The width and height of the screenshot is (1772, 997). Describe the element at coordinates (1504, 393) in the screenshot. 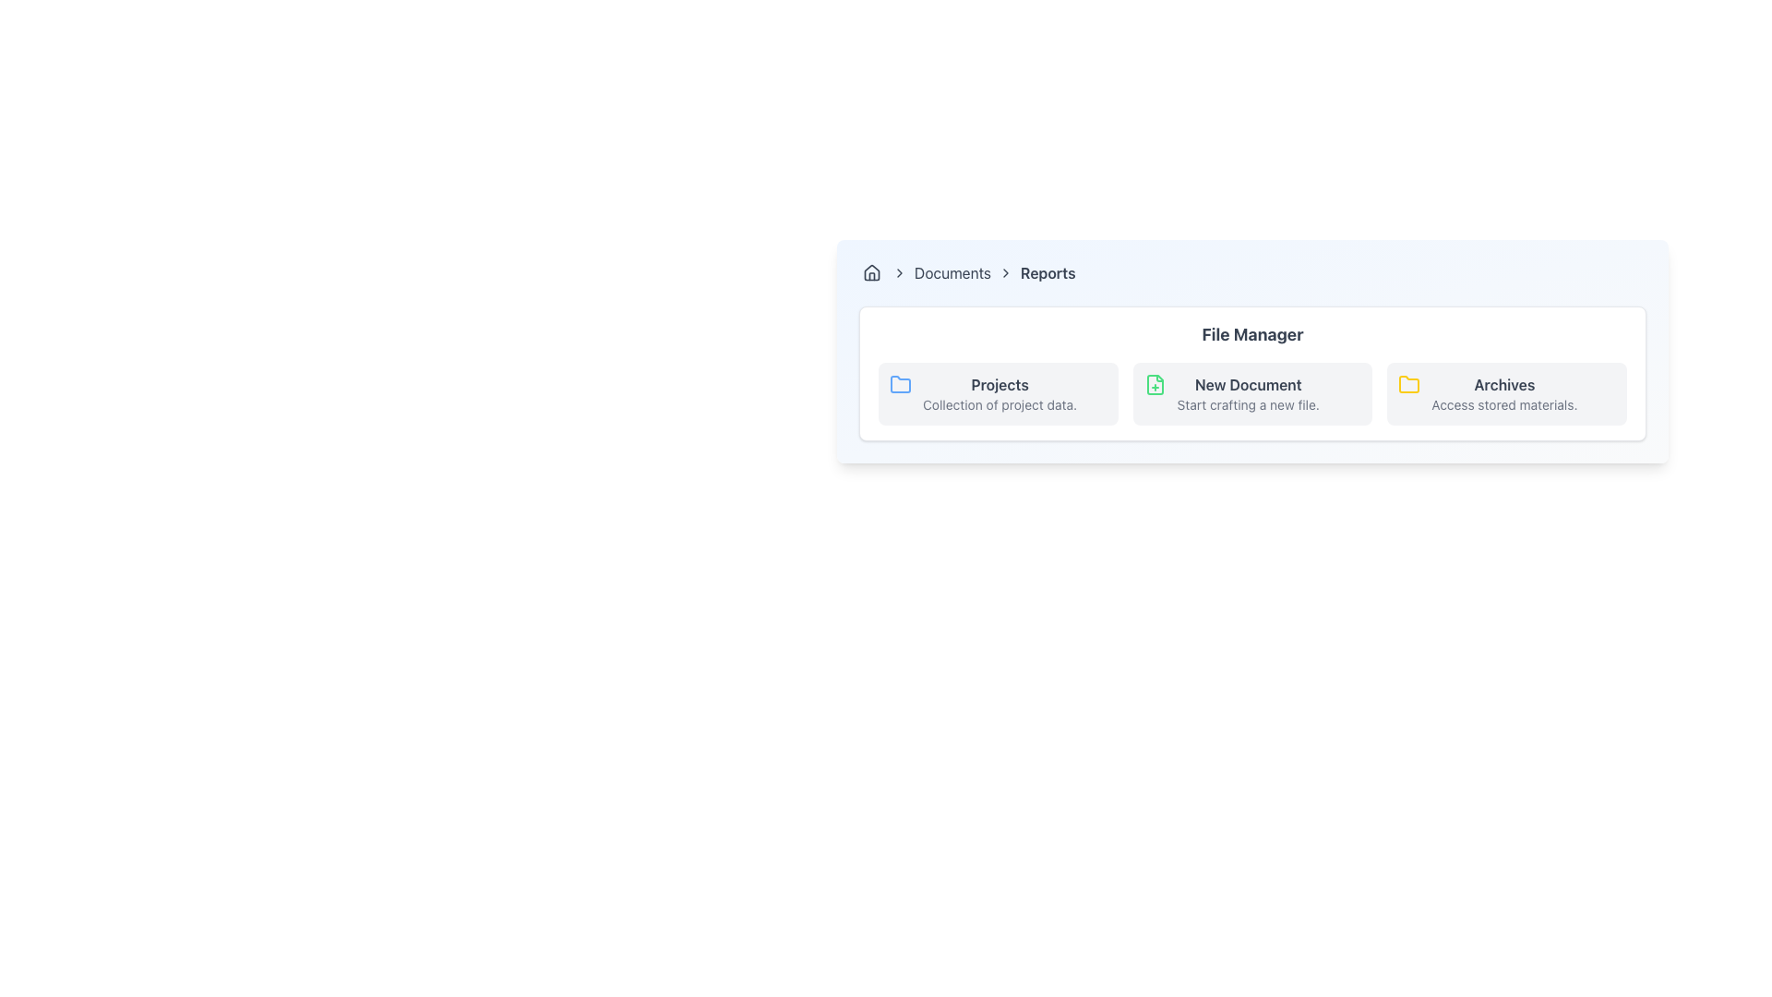

I see `the 'Archives' text label with icon in the 'File Manager' section` at that location.